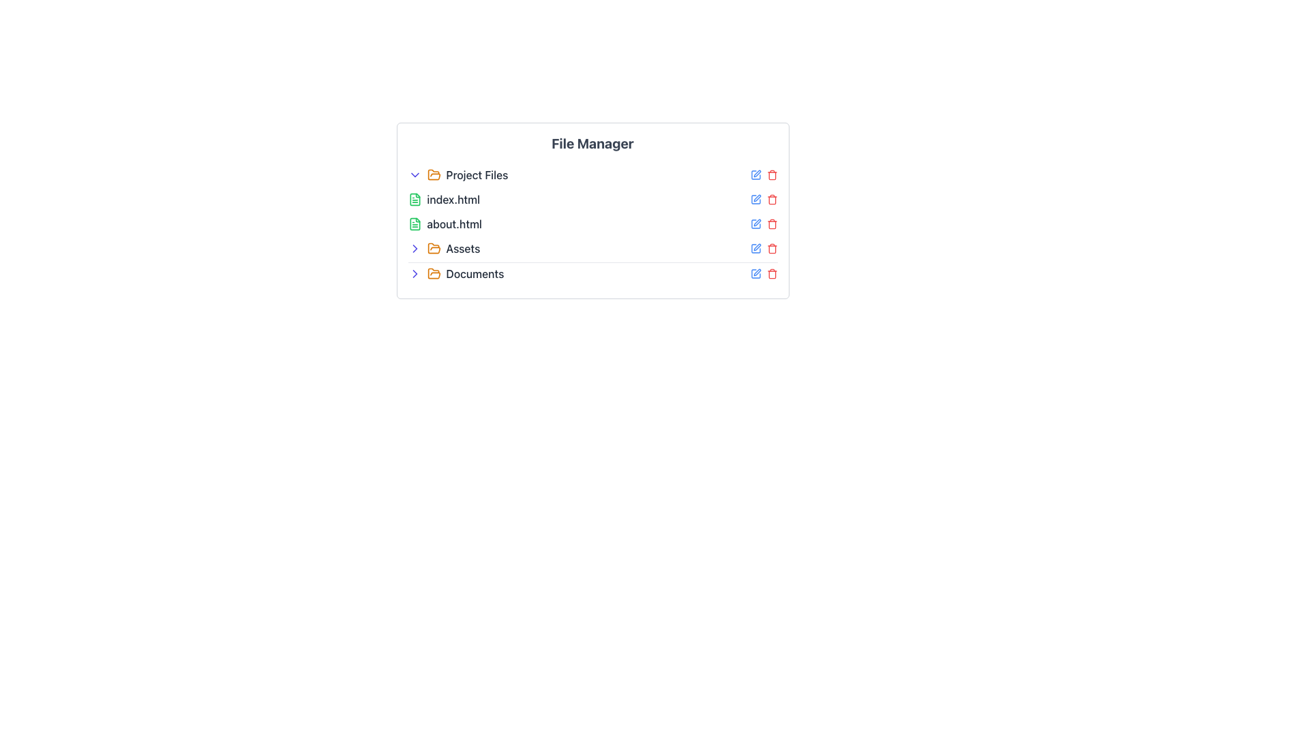 The image size is (1309, 736). I want to click on the green icon representing the file type or status associated with 'index.html', which is located to the left of the file name in the file list, so click(414, 200).